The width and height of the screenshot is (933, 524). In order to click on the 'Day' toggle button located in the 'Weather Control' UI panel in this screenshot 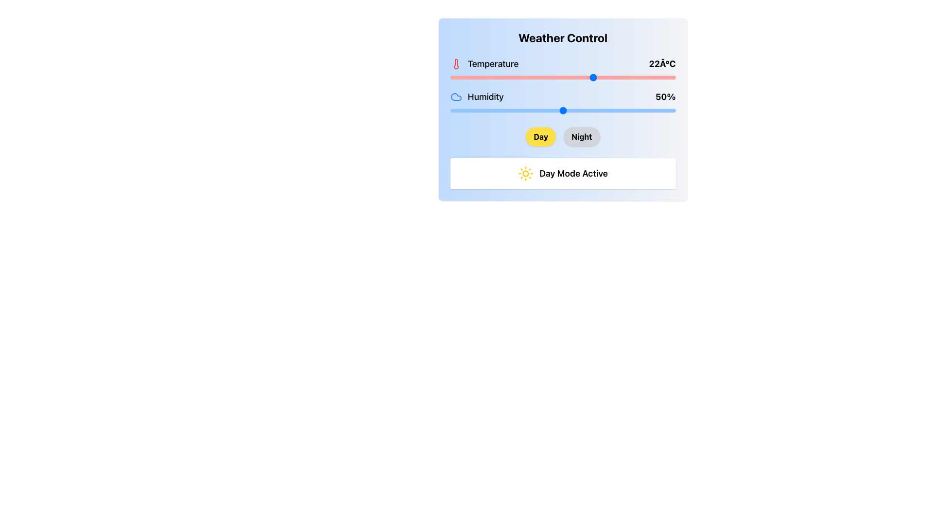, I will do `click(540, 136)`.